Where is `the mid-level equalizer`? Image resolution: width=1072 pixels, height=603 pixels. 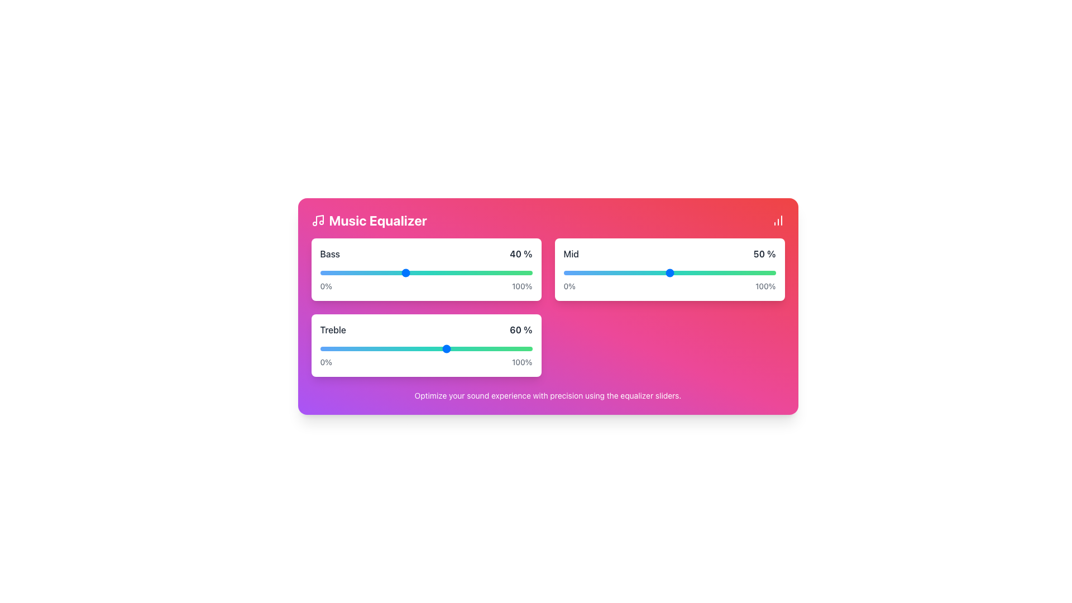 the mid-level equalizer is located at coordinates (657, 273).